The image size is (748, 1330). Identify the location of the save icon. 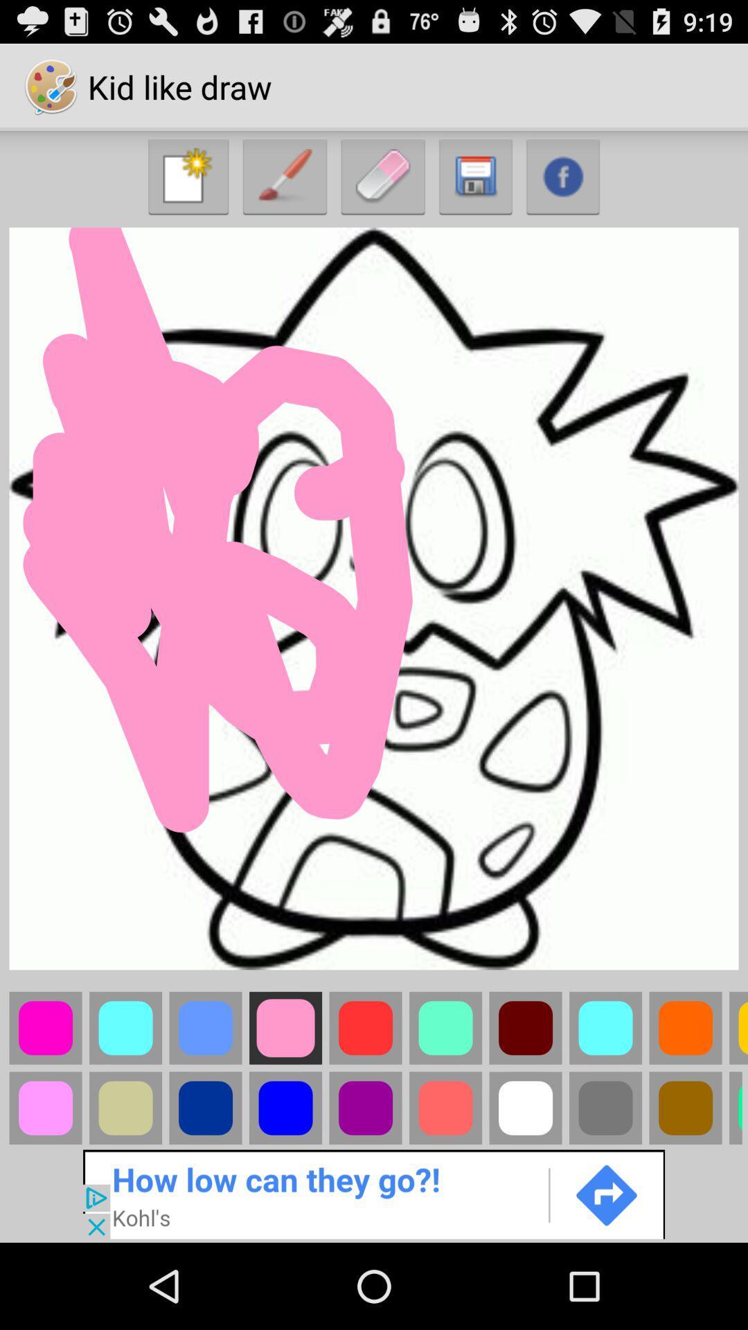
(474, 188).